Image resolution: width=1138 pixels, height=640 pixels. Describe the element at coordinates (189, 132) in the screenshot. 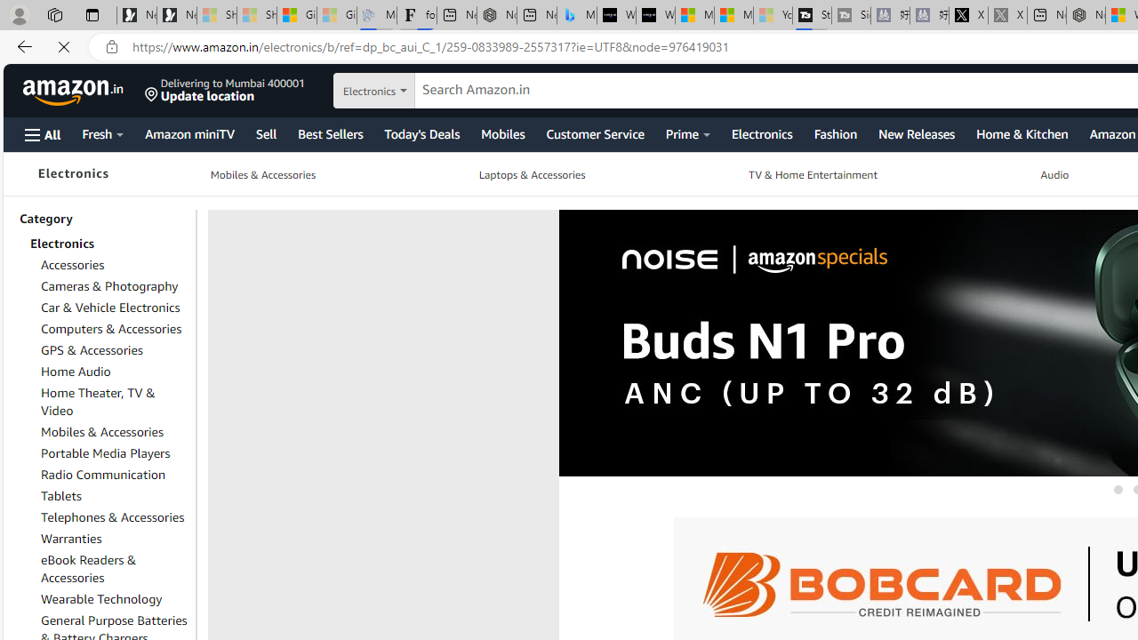

I see `'Amazon miniTV'` at that location.